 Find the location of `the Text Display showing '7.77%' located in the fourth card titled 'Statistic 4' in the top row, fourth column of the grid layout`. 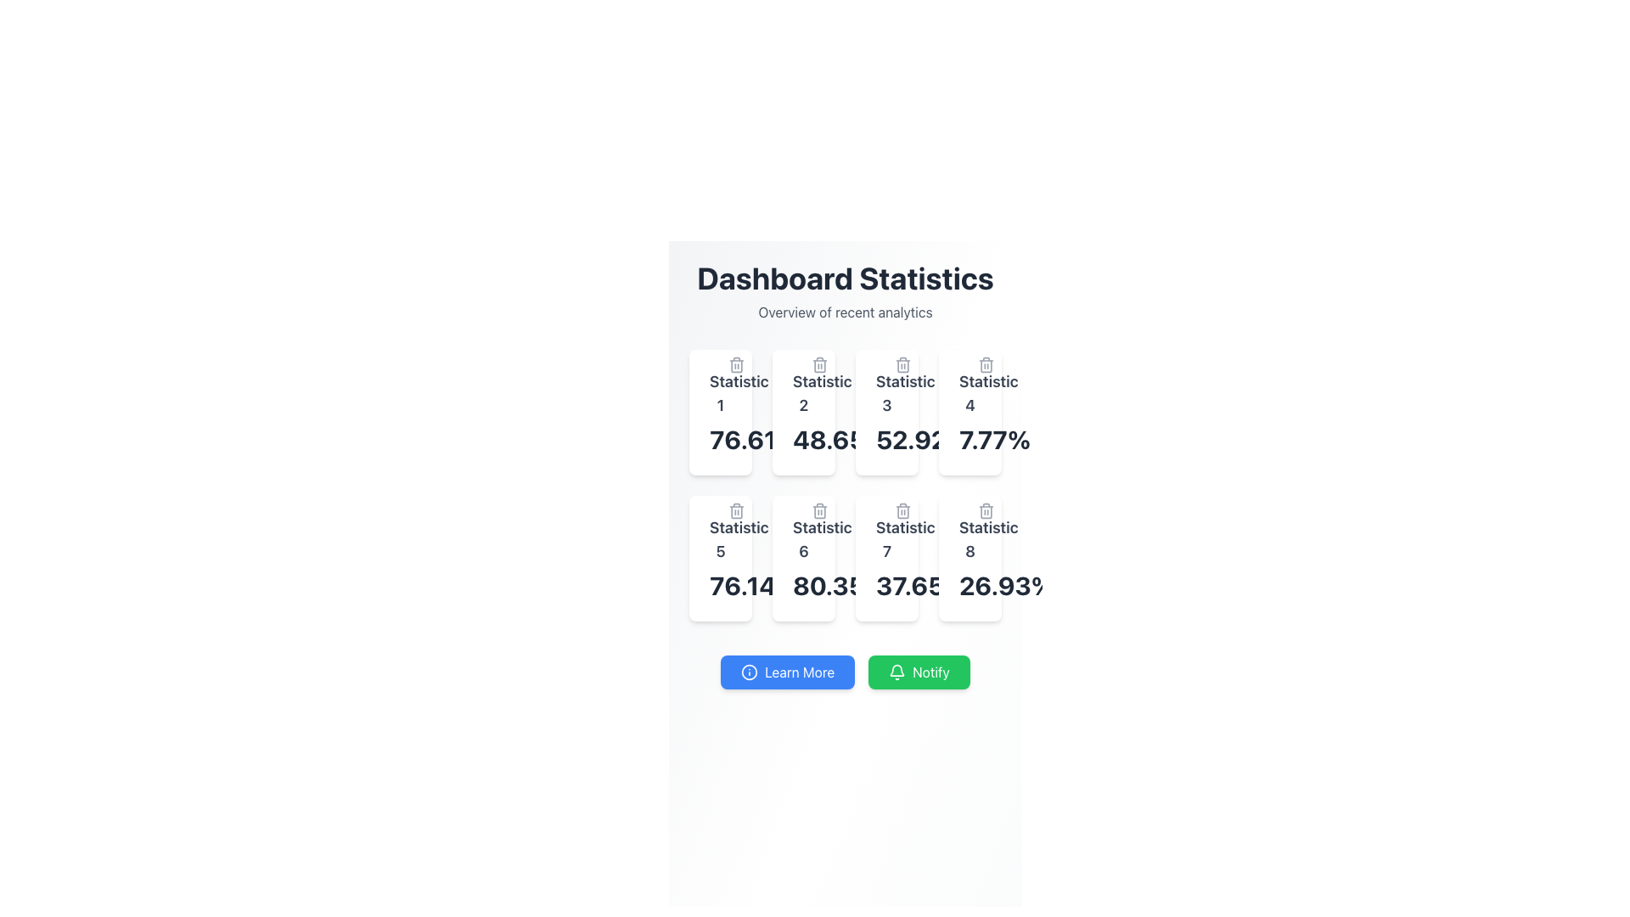

the Text Display showing '7.77%' located in the fourth card titled 'Statistic 4' in the top row, fourth column of the grid layout is located at coordinates (970, 438).